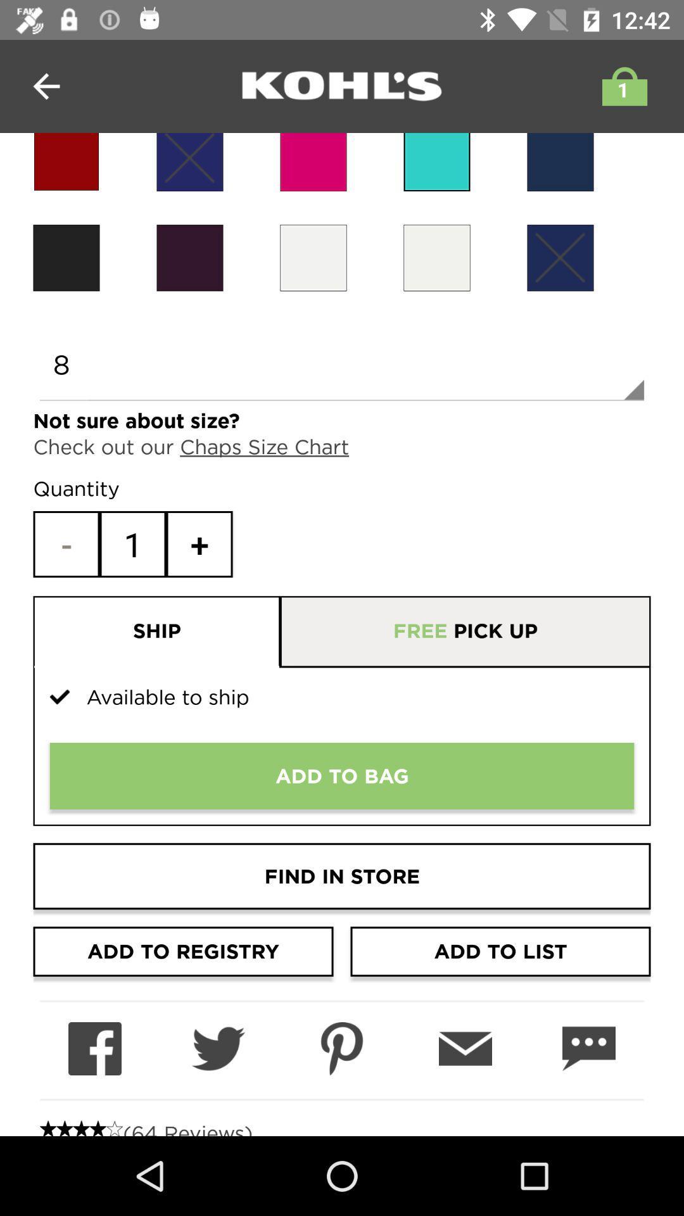  I want to click on the email icon, so click(465, 1049).